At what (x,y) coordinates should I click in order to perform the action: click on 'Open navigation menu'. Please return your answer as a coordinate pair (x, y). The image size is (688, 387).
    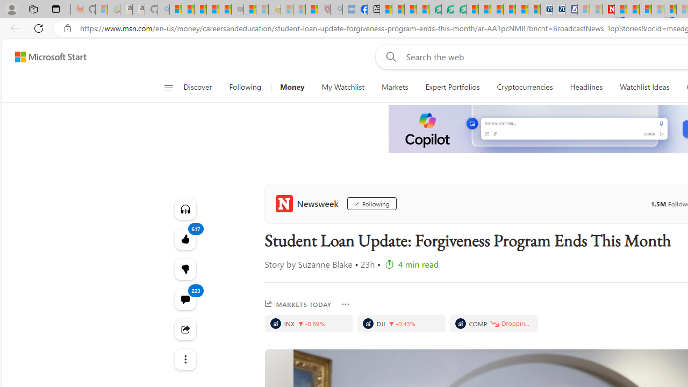
    Looking at the image, I should click on (168, 87).